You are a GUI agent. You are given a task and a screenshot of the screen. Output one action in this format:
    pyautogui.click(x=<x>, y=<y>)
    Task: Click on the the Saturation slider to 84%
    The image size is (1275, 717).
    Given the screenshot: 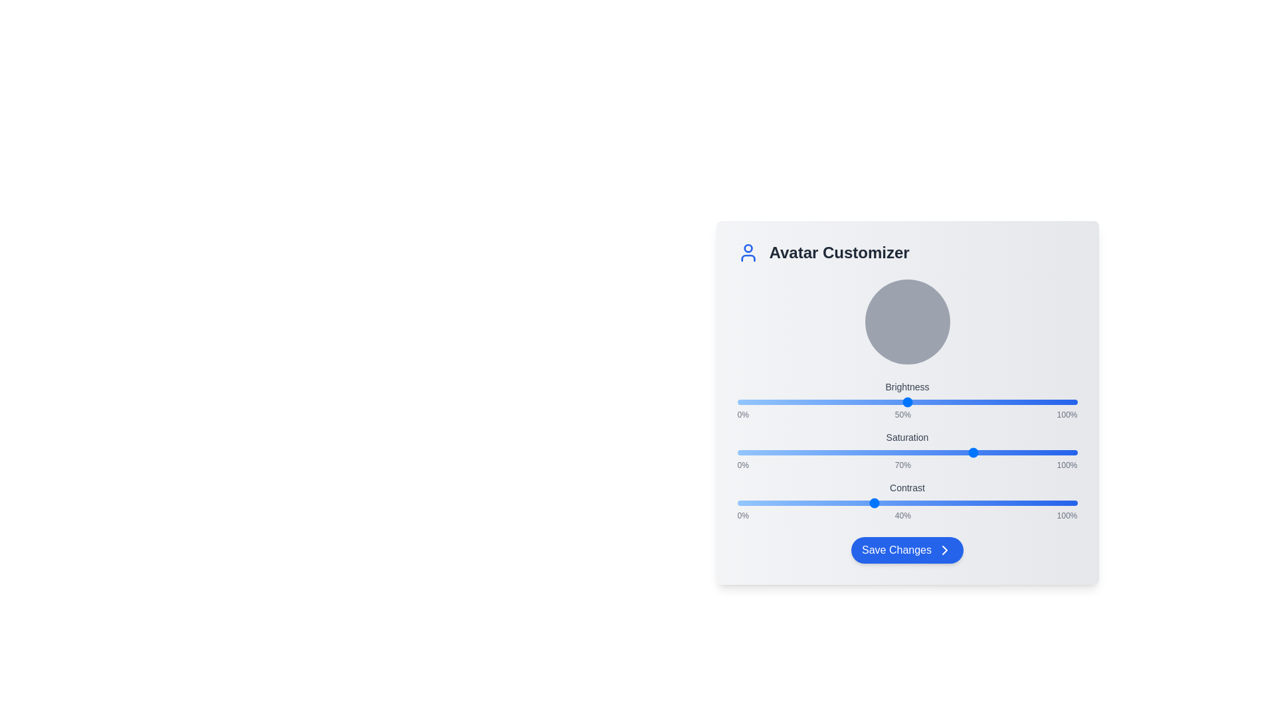 What is the action you would take?
    pyautogui.click(x=1022, y=452)
    